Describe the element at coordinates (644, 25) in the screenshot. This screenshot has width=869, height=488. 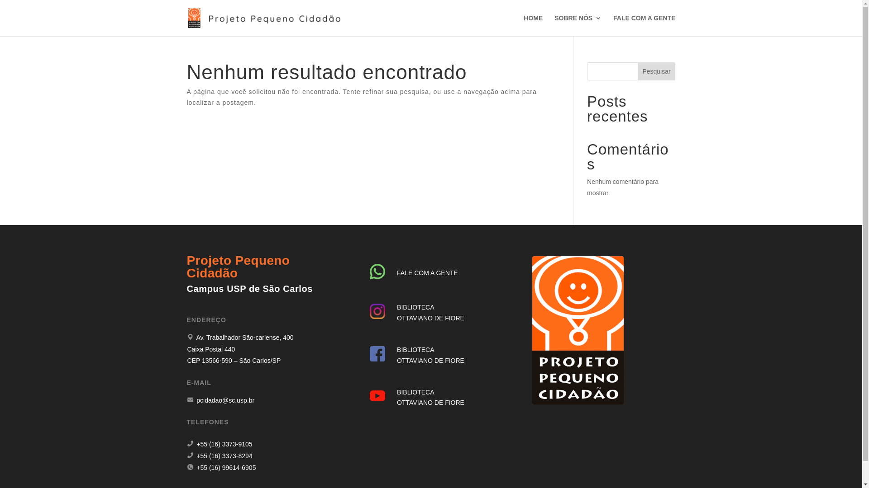
I see `'FALE COM A GENTE'` at that location.